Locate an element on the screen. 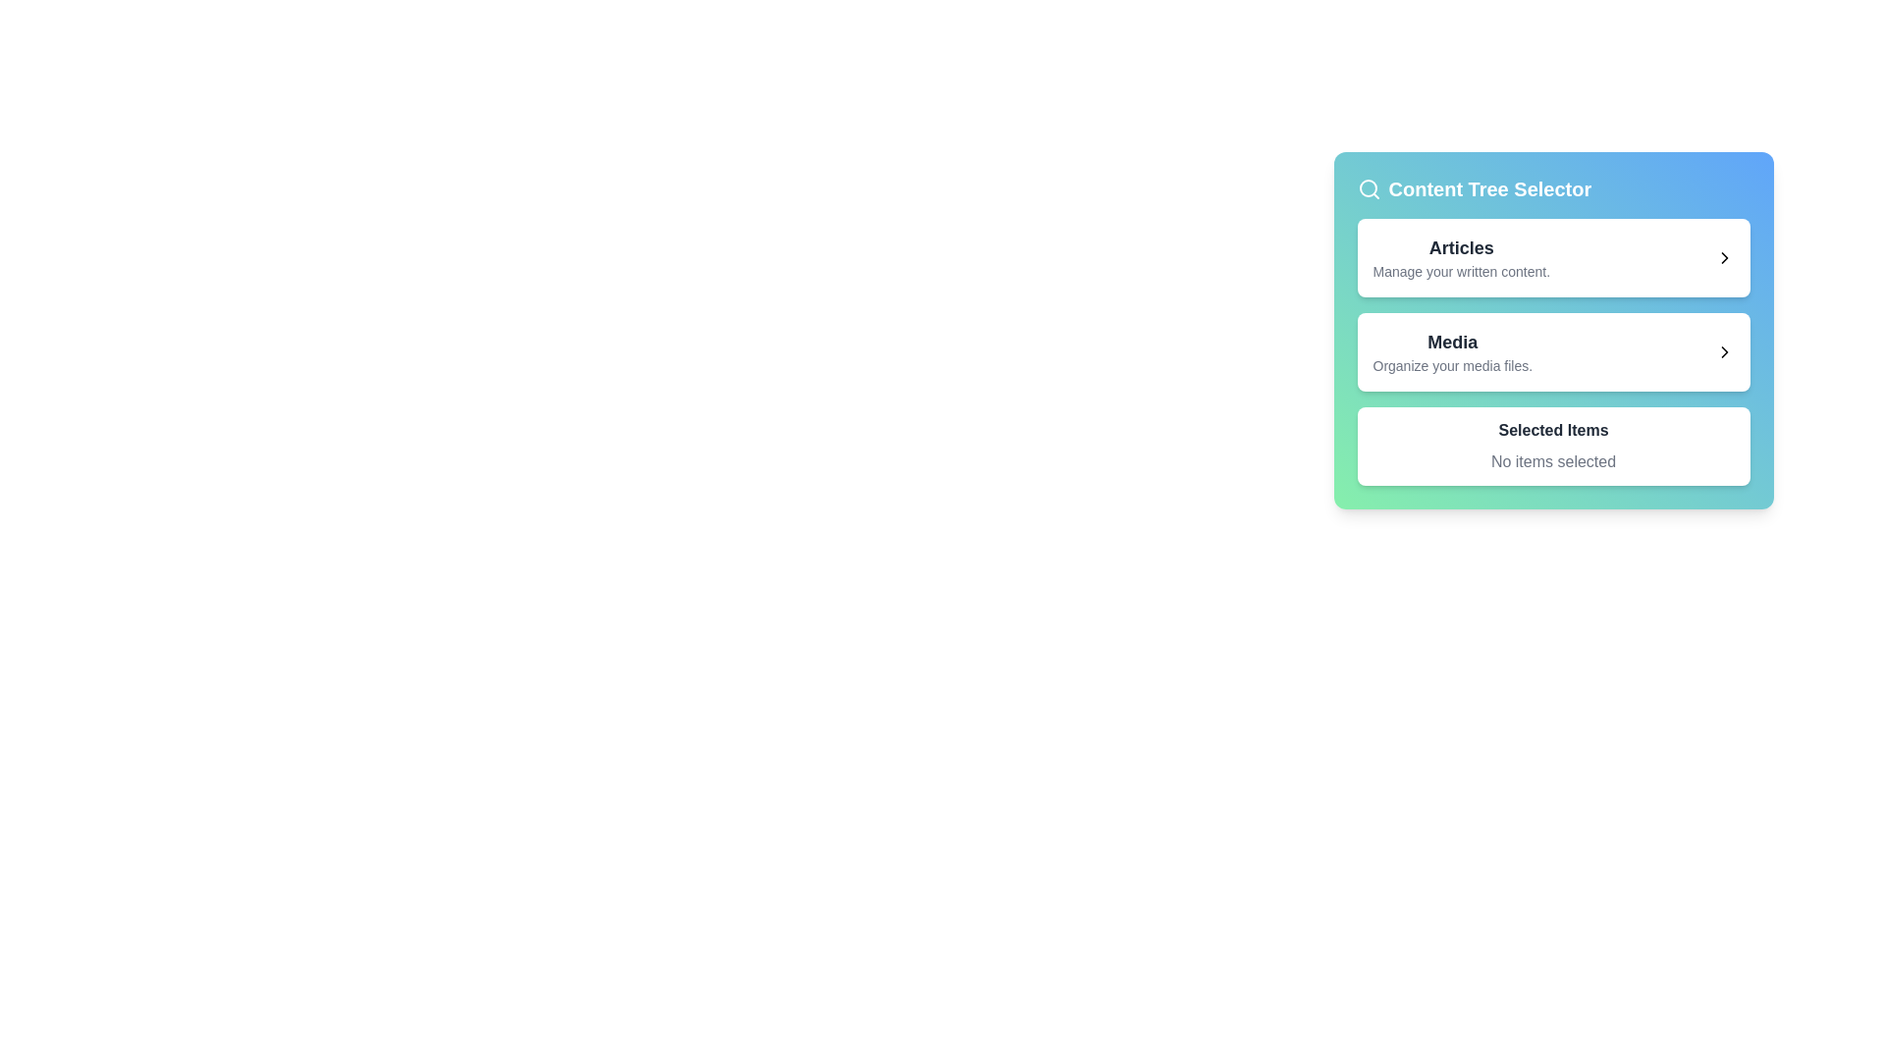  the navigation section of the 'Content Tree Selector' panel is located at coordinates (1552, 305).